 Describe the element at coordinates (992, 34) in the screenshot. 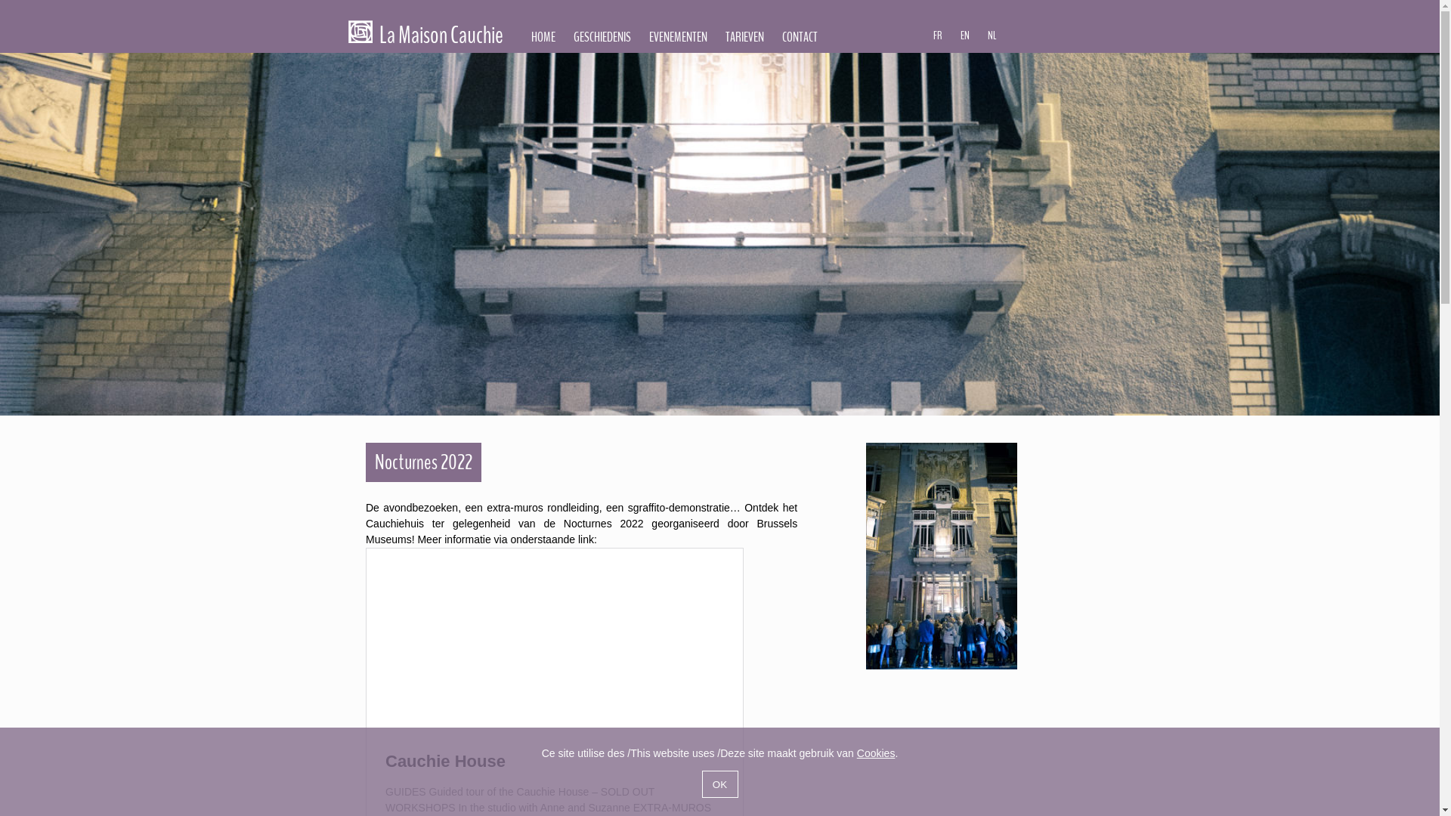

I see `'NL'` at that location.